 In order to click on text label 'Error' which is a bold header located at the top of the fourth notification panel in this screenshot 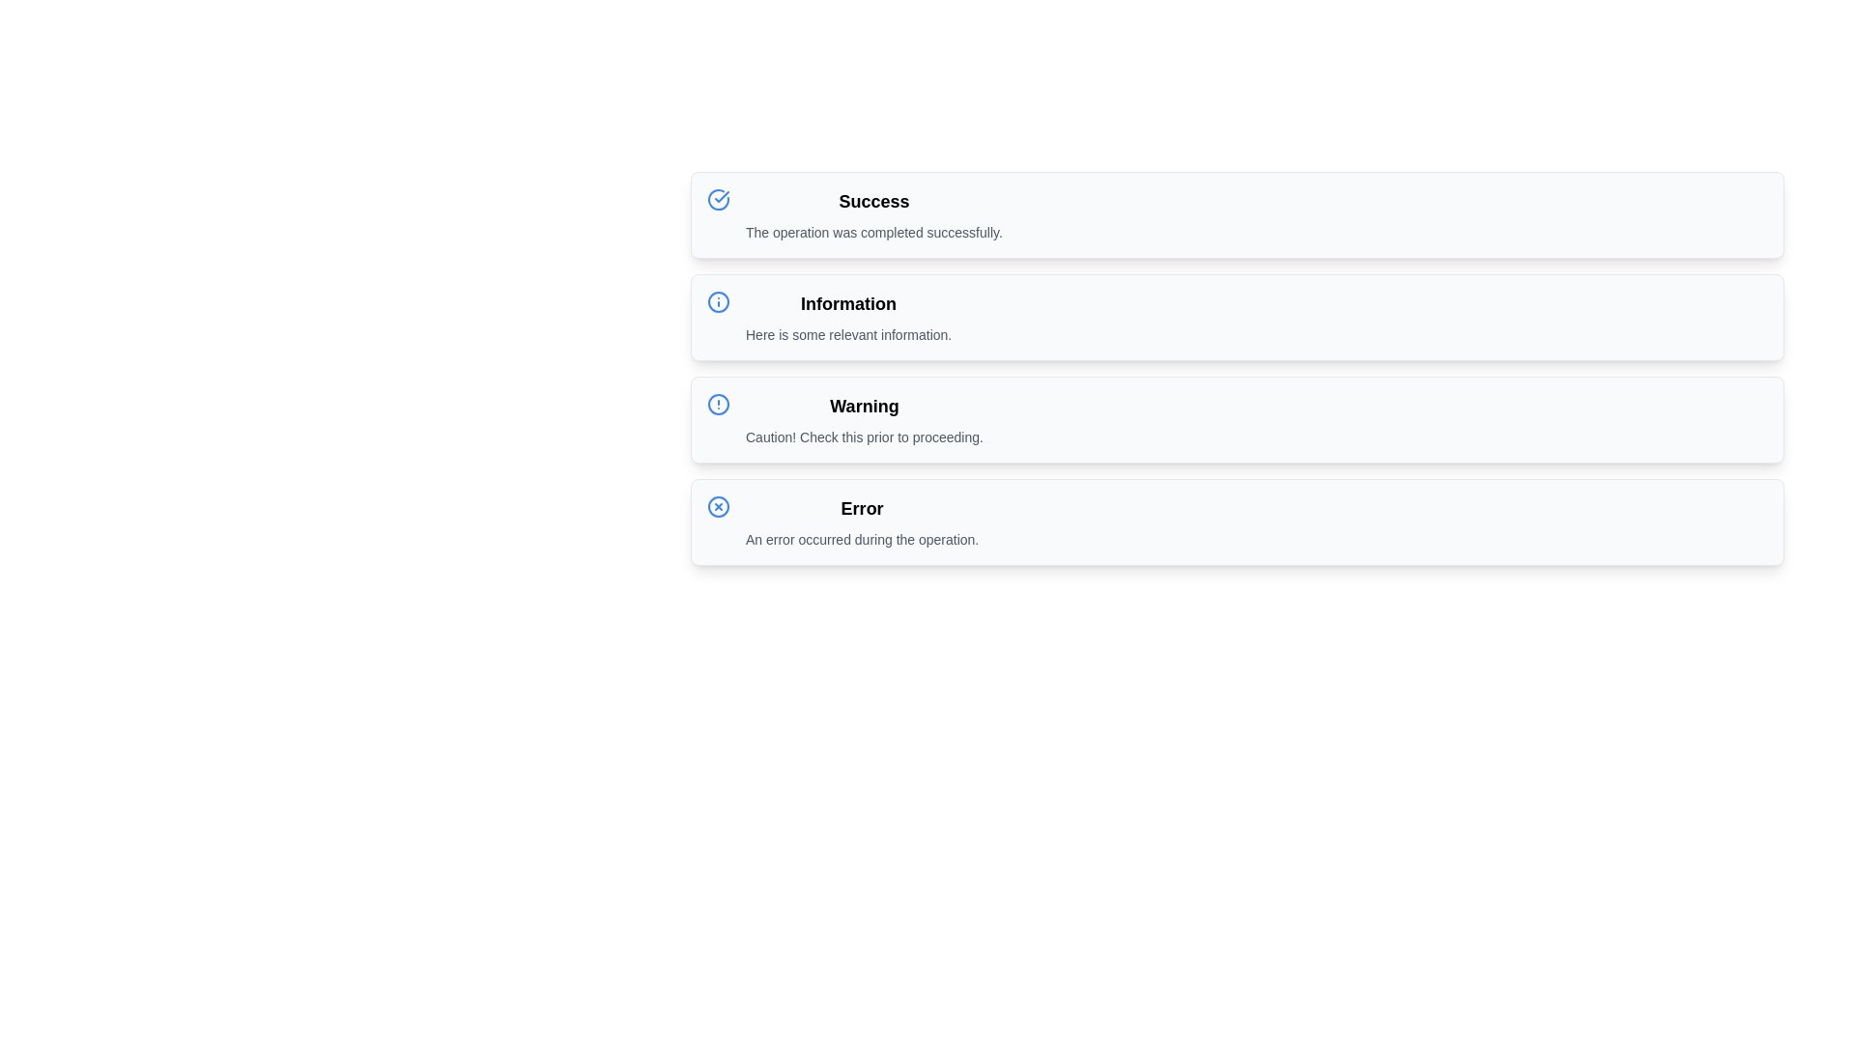, I will do `click(861, 508)`.